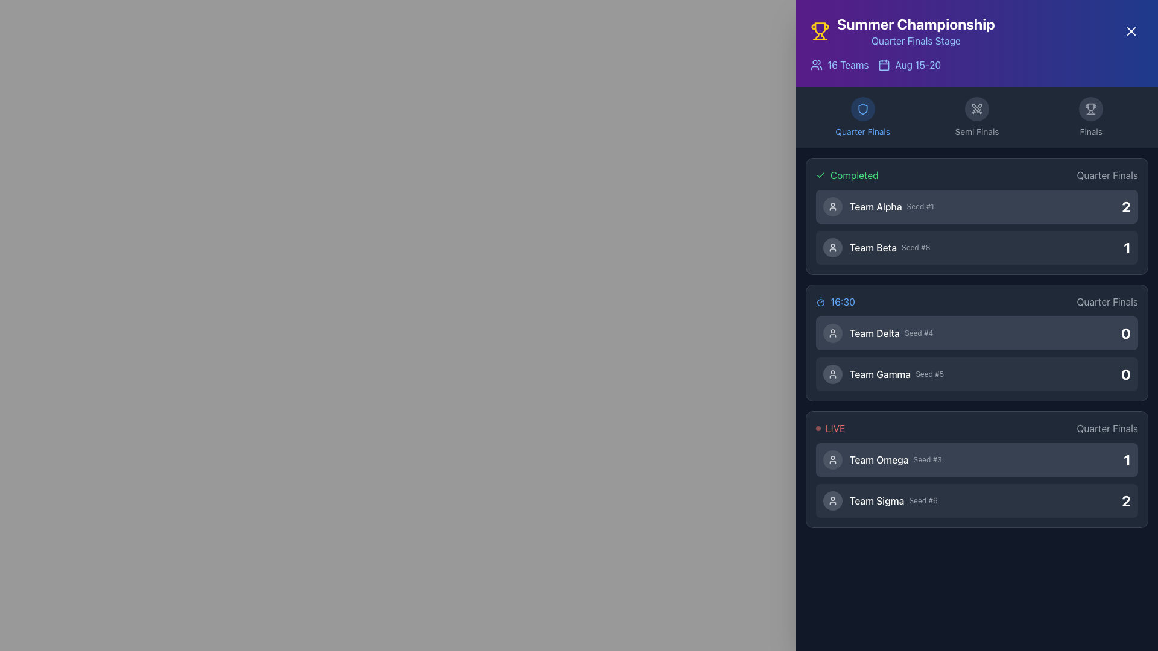 This screenshot has height=651, width=1158. I want to click on text content of the Text Label displaying information about a team and its seeding position in the tournament, located on the right-side panel under the '16:30 Quarter Finals' section, next to the user avatar icon, so click(897, 374).